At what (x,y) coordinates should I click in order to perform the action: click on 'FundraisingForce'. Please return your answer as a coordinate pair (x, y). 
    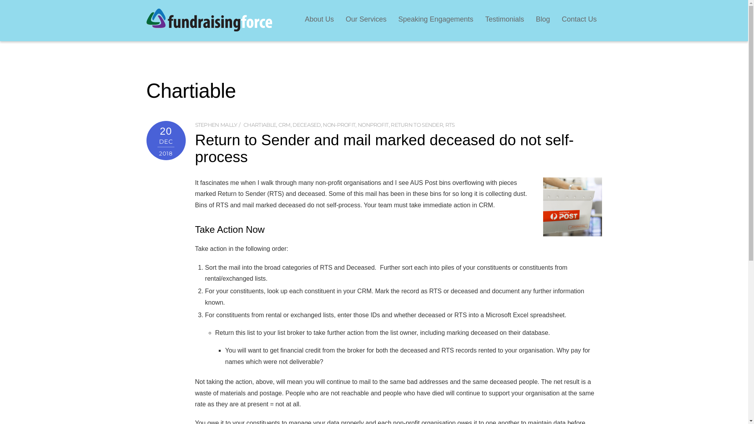
    Looking at the image, I should click on (209, 27).